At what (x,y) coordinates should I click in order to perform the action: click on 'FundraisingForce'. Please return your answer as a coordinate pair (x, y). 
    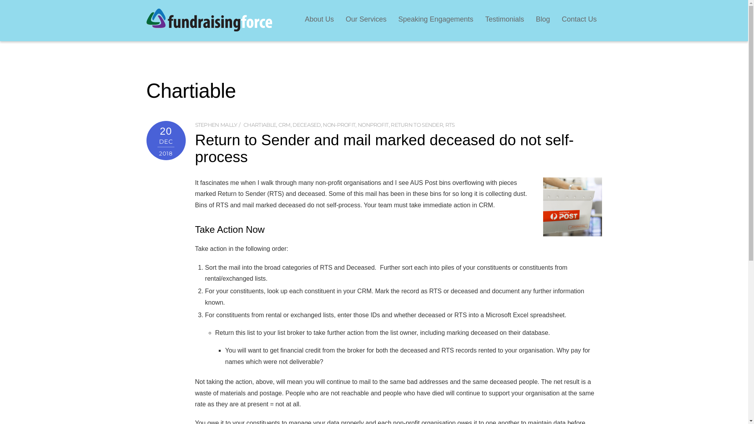
    Looking at the image, I should click on (209, 27).